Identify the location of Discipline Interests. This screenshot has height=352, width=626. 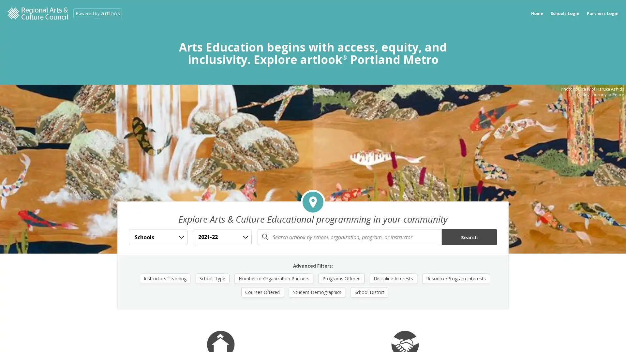
(393, 278).